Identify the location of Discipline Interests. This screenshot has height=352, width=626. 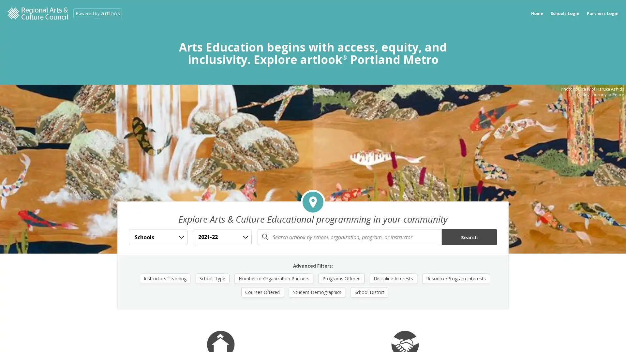
(393, 278).